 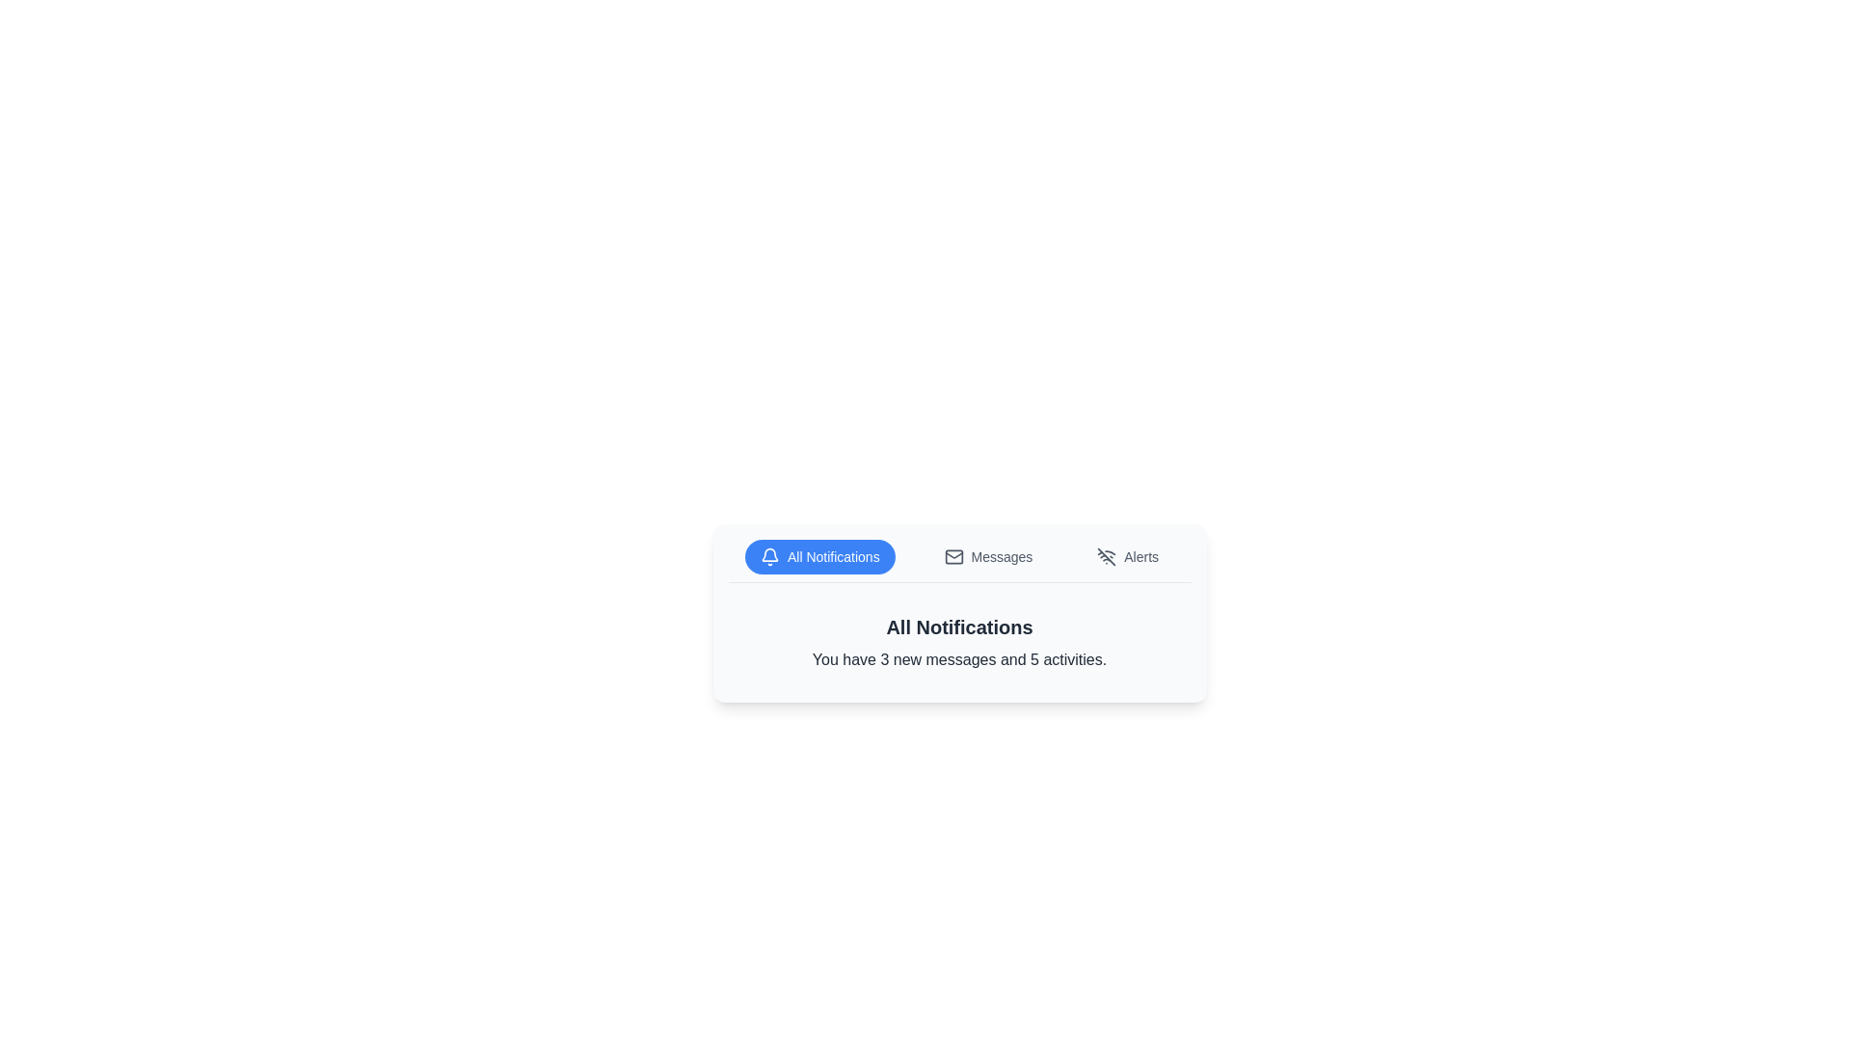 I want to click on the middle button in the group of three buttons, so click(x=988, y=557).